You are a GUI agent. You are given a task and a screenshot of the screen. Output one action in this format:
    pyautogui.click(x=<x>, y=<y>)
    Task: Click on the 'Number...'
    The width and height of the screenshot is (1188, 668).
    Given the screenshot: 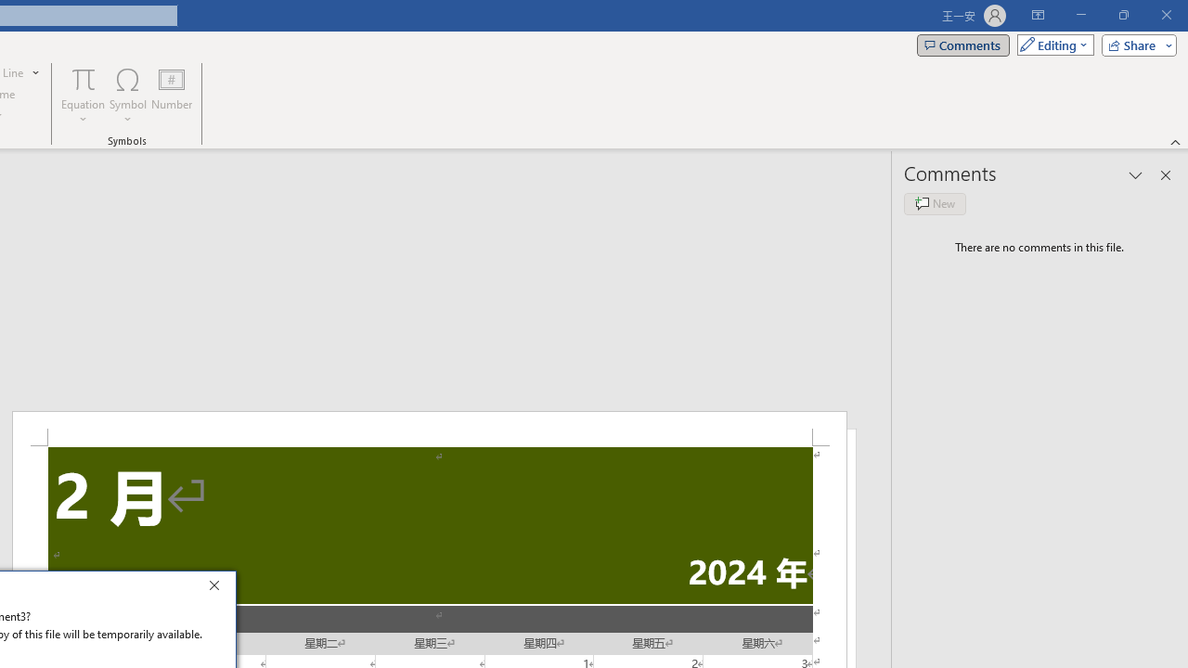 What is the action you would take?
    pyautogui.click(x=172, y=96)
    